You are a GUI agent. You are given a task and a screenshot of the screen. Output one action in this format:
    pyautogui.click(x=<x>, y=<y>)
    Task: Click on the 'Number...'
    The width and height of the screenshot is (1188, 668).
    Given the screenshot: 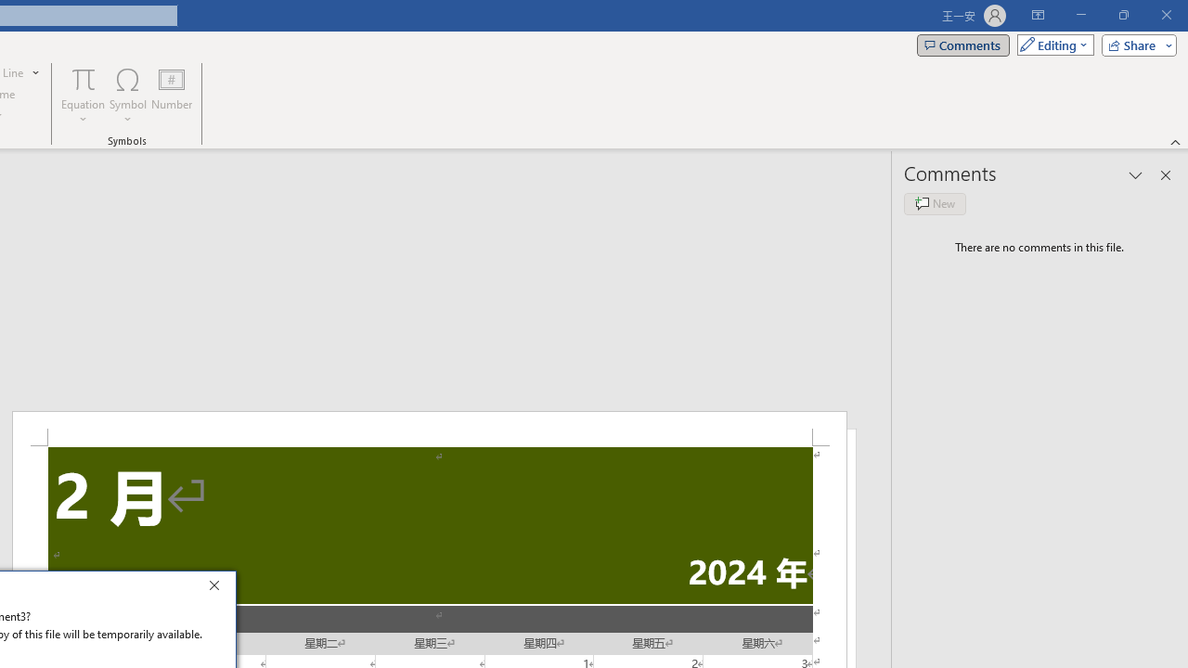 What is the action you would take?
    pyautogui.click(x=172, y=96)
    